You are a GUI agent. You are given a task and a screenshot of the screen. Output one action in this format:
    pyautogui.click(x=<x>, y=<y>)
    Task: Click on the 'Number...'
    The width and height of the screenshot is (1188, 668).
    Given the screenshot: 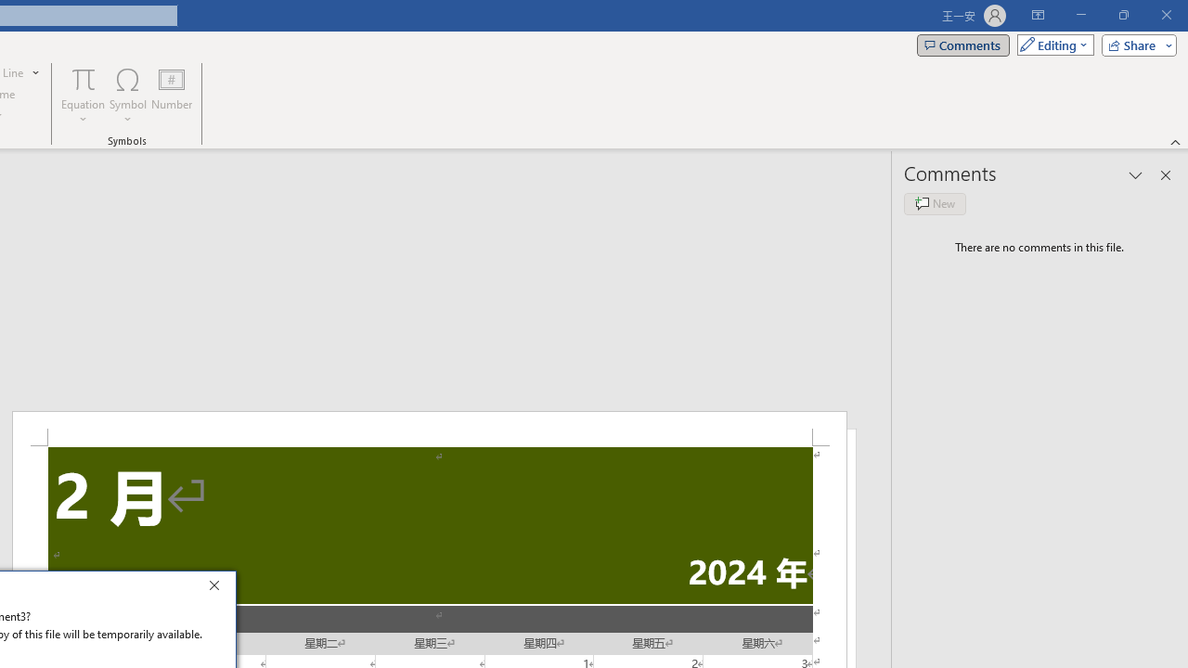 What is the action you would take?
    pyautogui.click(x=172, y=96)
    